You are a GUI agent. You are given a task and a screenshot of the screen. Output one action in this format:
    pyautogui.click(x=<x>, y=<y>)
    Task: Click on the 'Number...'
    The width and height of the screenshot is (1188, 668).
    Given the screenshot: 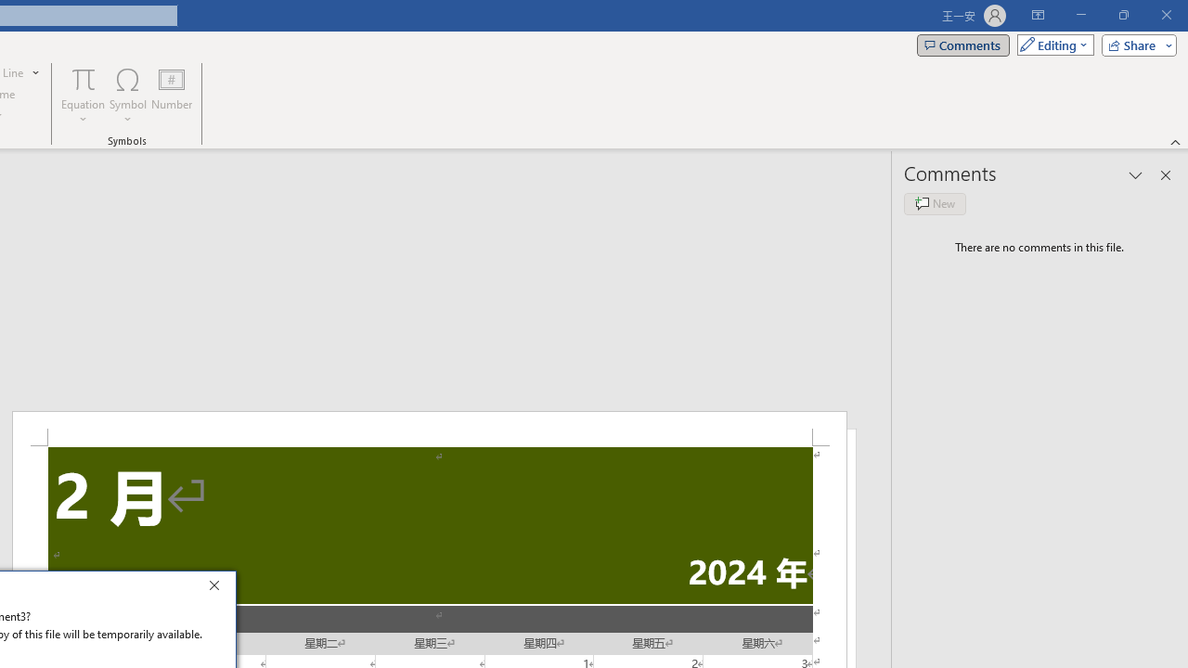 What is the action you would take?
    pyautogui.click(x=172, y=96)
    